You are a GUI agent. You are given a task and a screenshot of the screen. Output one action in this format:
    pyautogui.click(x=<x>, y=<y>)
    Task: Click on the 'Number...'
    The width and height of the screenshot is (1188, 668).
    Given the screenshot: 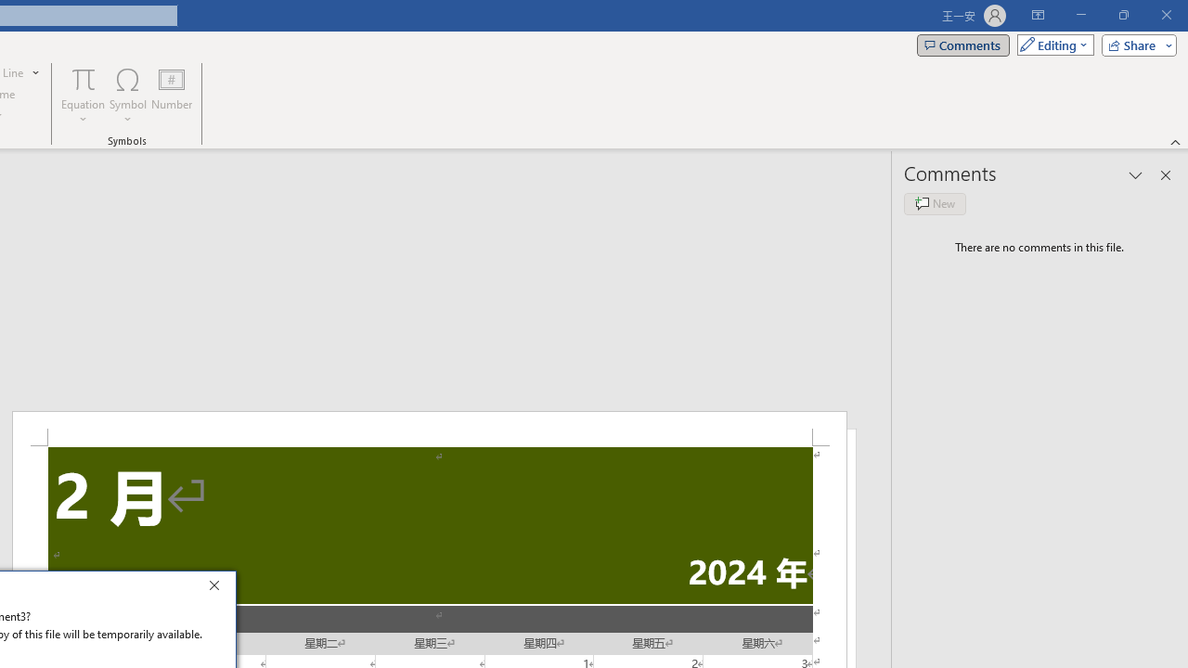 What is the action you would take?
    pyautogui.click(x=172, y=96)
    